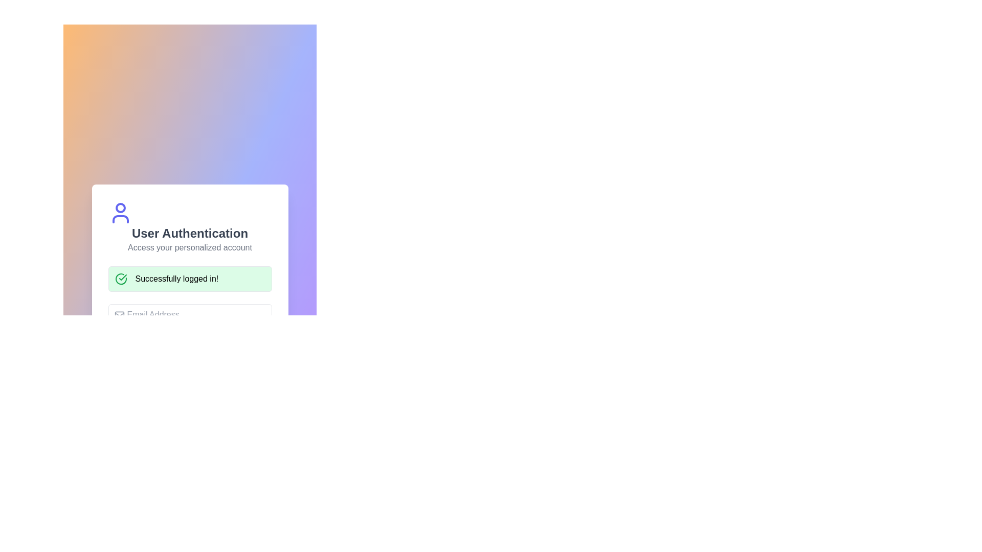 Image resolution: width=982 pixels, height=552 pixels. Describe the element at coordinates (190, 248) in the screenshot. I see `the text element displaying 'Access your personalized account', which is styled in medium gray and positioned below the 'User Authentication' heading` at that location.